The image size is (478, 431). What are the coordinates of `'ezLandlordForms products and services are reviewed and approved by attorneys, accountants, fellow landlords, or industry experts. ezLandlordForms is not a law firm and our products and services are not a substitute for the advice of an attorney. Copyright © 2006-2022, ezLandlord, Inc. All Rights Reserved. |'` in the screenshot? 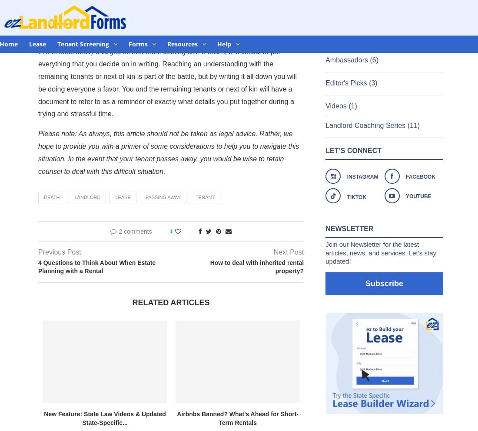 It's located at (8, 388).